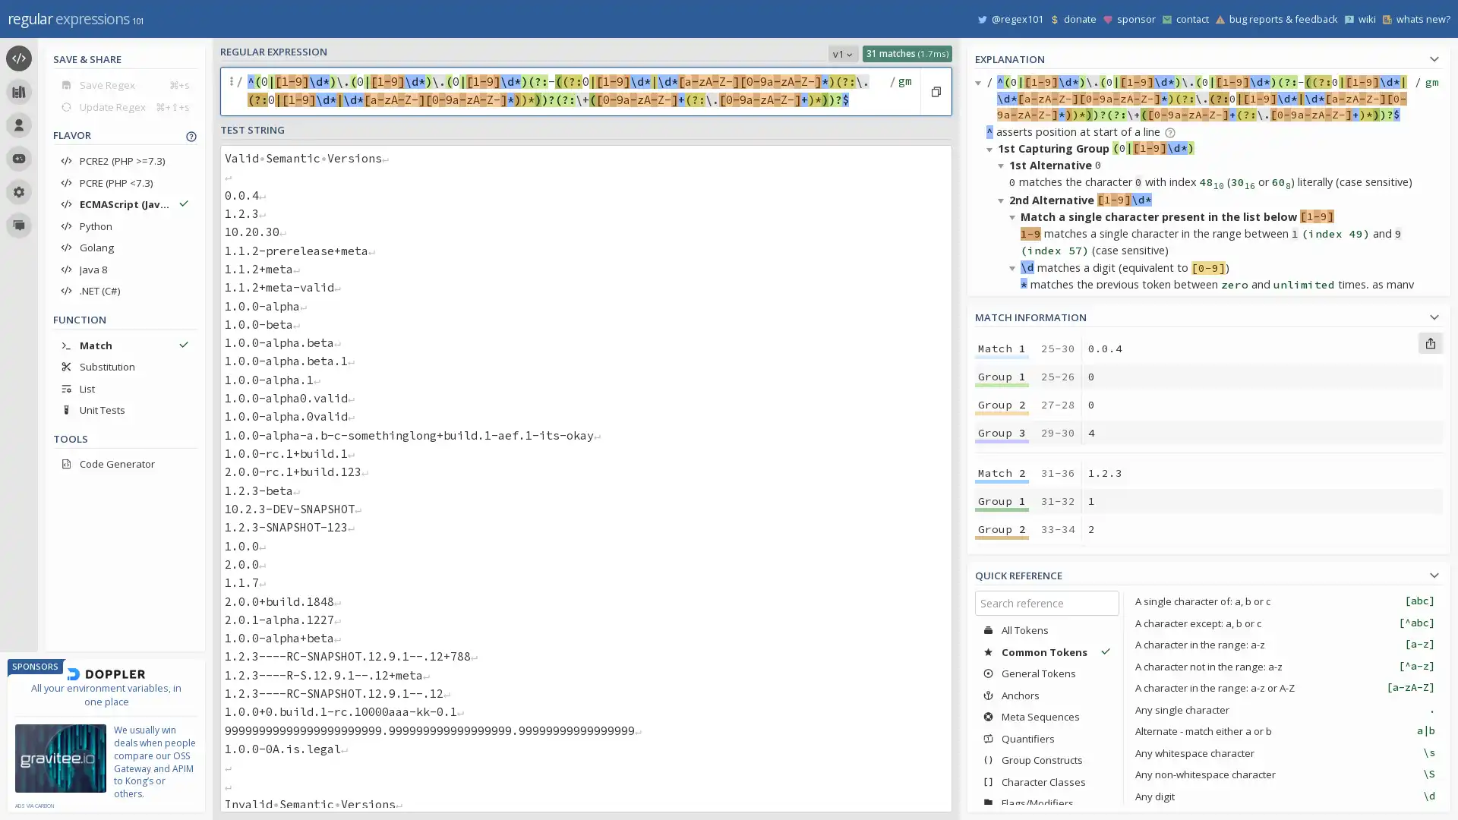 This screenshot has height=820, width=1458. Describe the element at coordinates (1284, 795) in the screenshot. I see `Any digit \d` at that location.